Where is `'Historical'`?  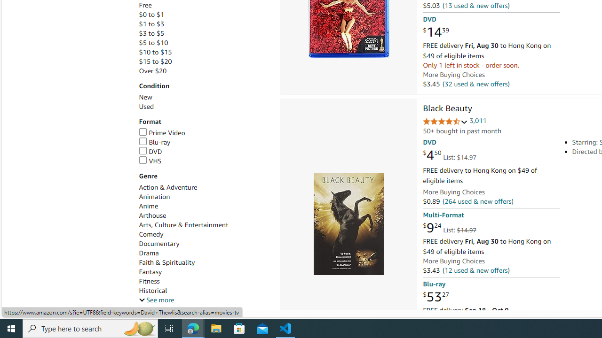 'Historical' is located at coordinates (153, 290).